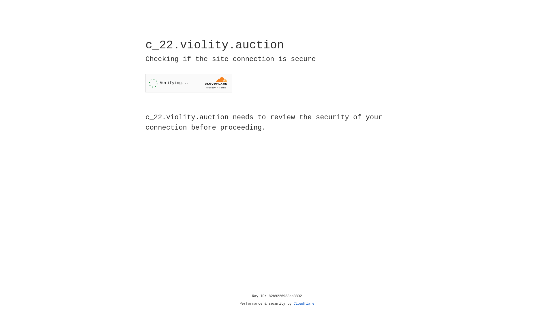 The height and width of the screenshot is (311, 554). I want to click on 'Widget containing a Cloudflare security challenge', so click(188, 83).